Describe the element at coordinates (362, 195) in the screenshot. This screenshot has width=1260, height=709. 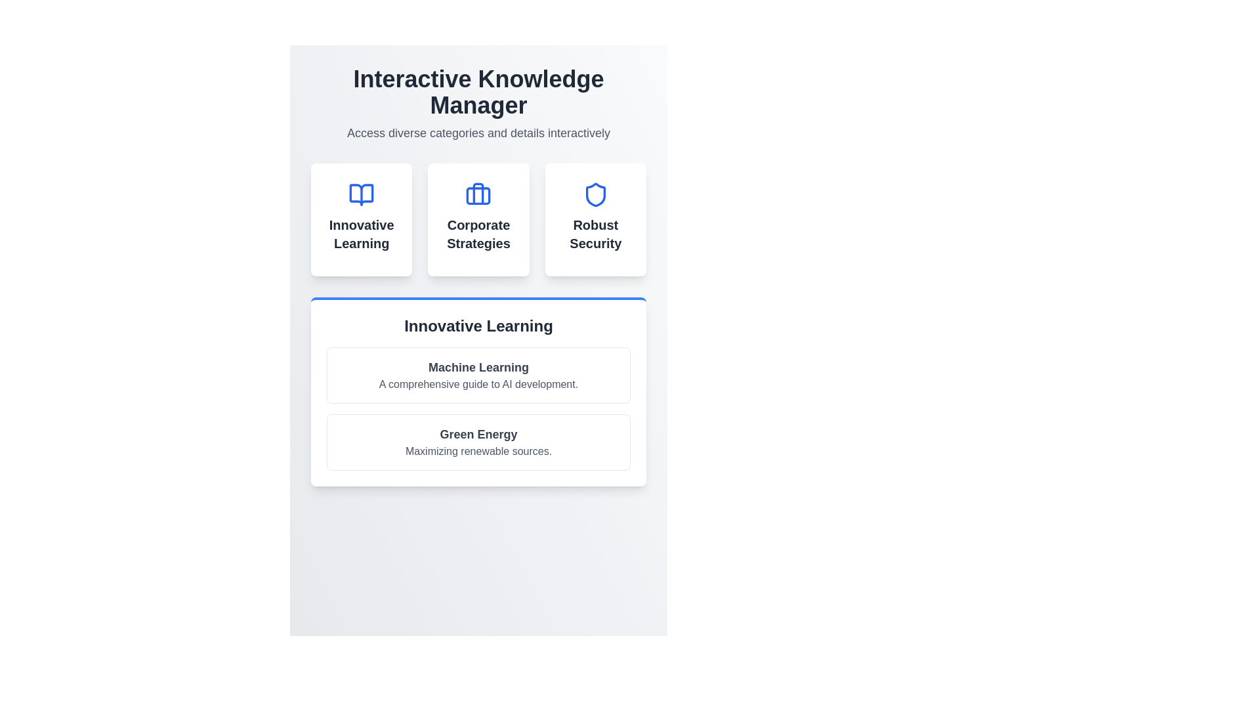
I see `the left page of the book icon, which is part of the 'Innovative Learning' thematic representation located above the corresponding label` at that location.